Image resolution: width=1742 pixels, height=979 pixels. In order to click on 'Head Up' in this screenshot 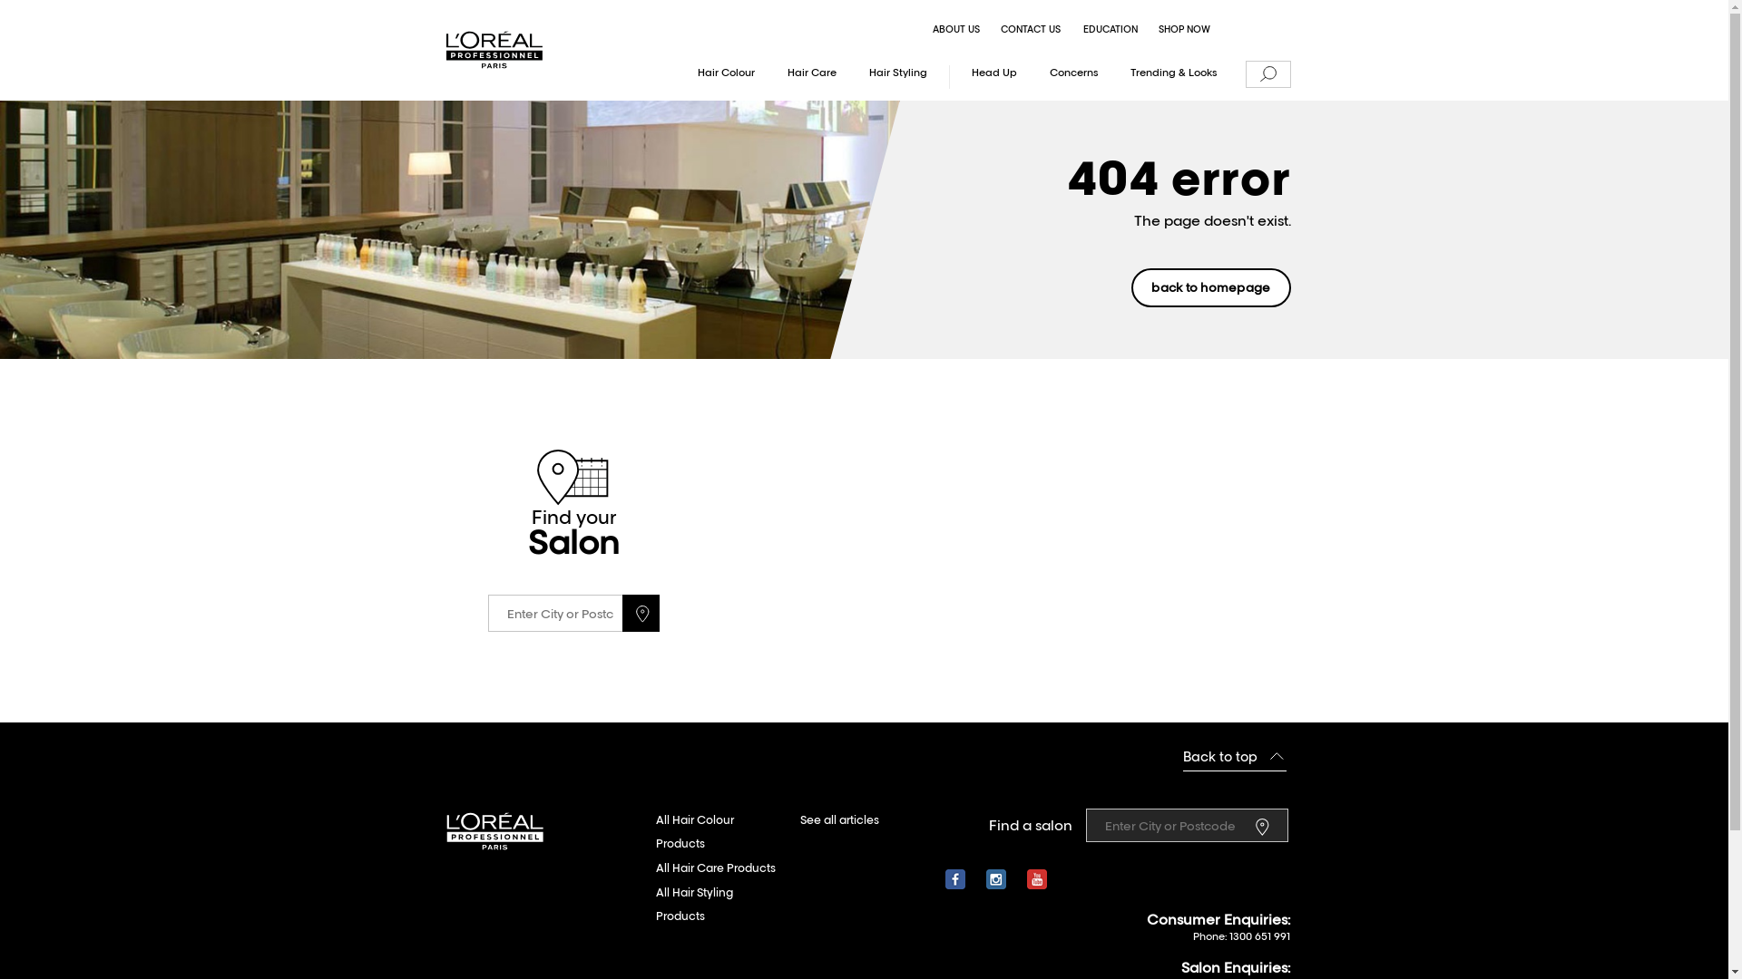, I will do `click(993, 75)`.